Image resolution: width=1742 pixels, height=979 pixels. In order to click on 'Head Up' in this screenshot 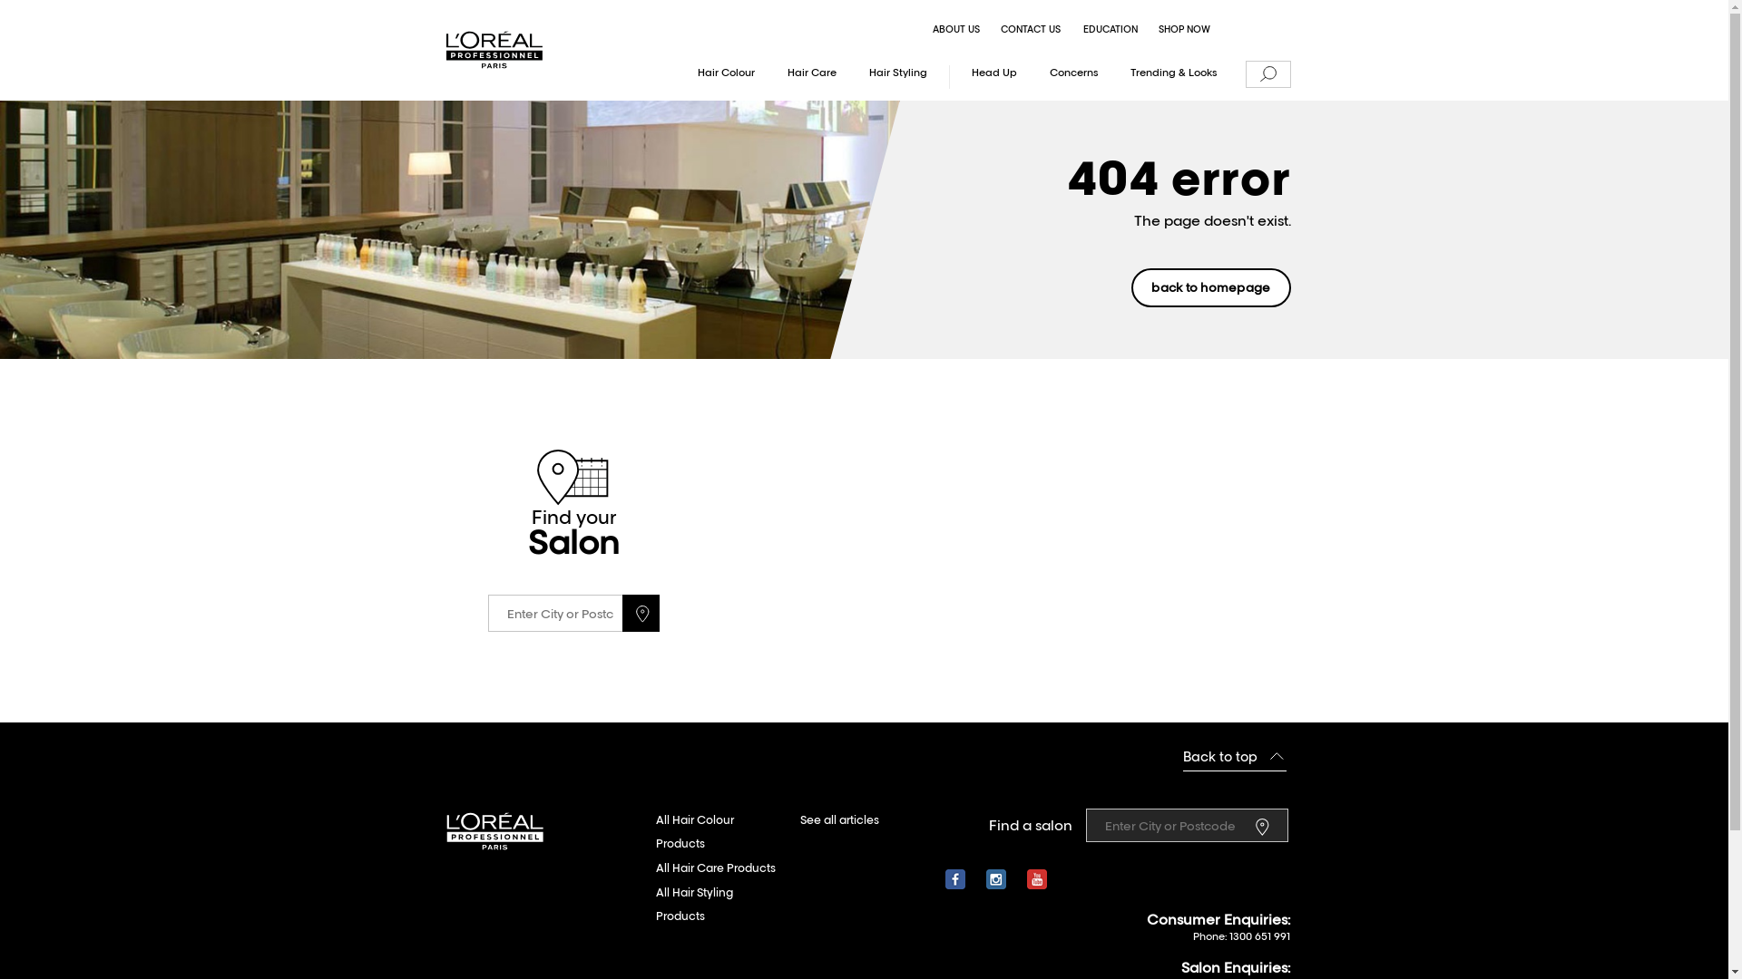, I will do `click(993, 75)`.